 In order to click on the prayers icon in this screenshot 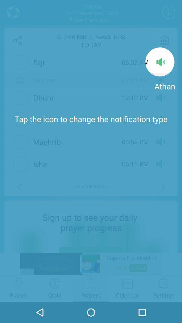, I will do `click(91, 283)`.